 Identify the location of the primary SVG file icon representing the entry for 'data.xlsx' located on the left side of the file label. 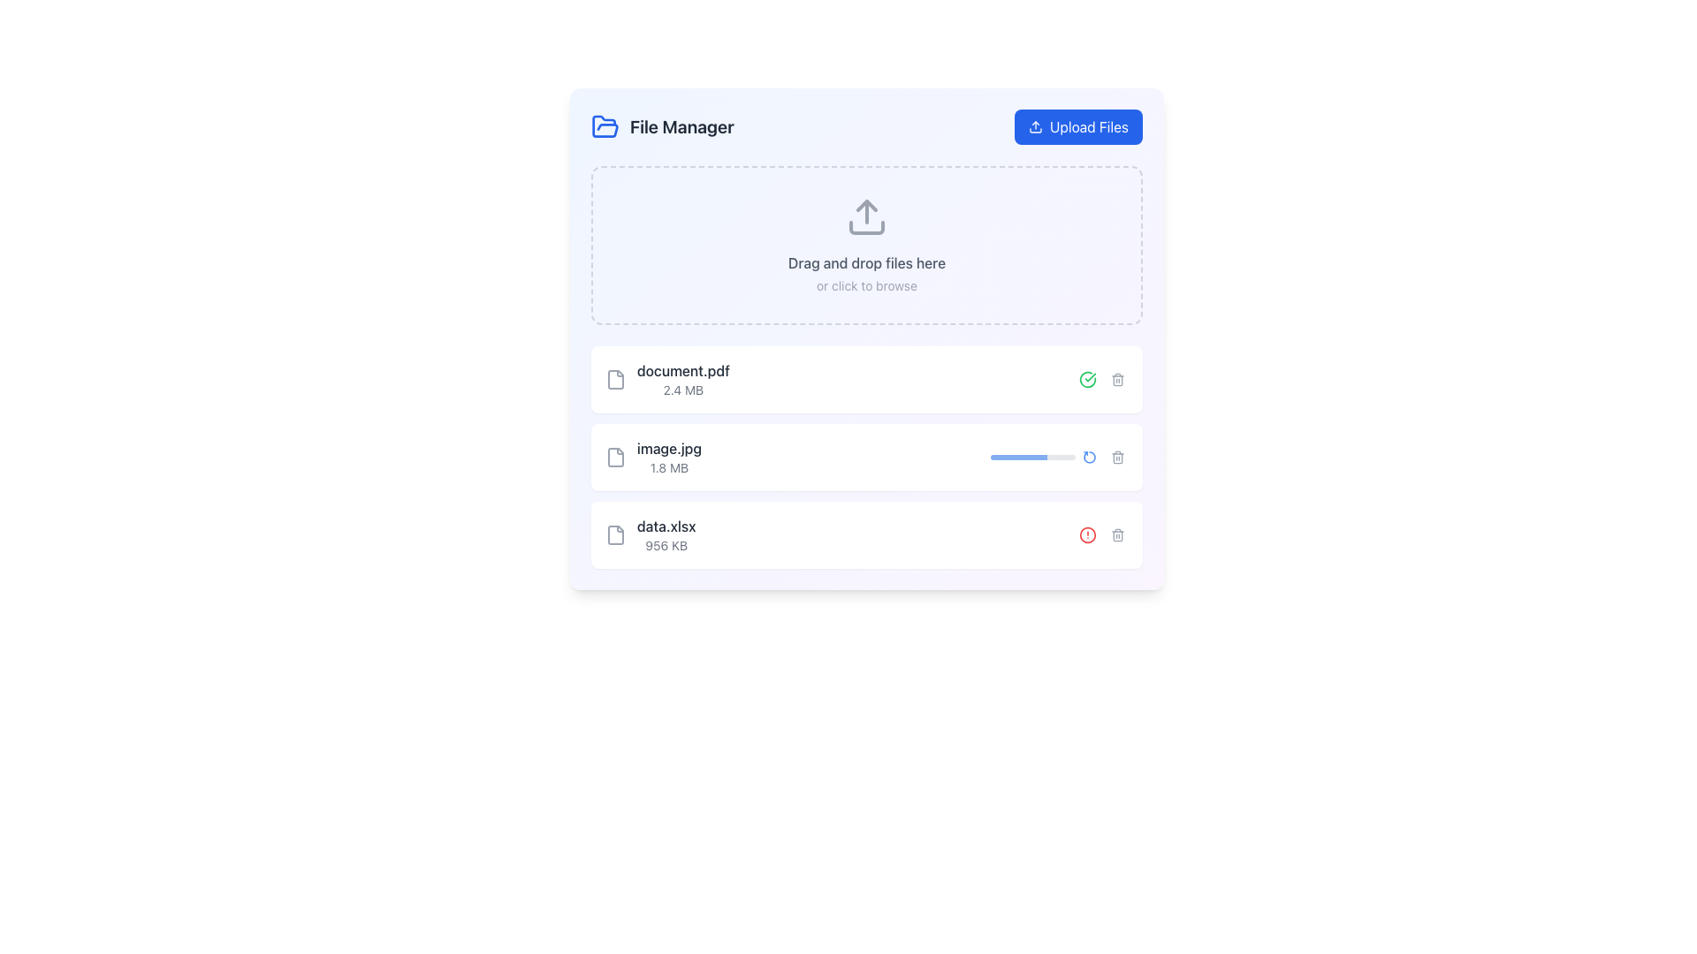
(615, 534).